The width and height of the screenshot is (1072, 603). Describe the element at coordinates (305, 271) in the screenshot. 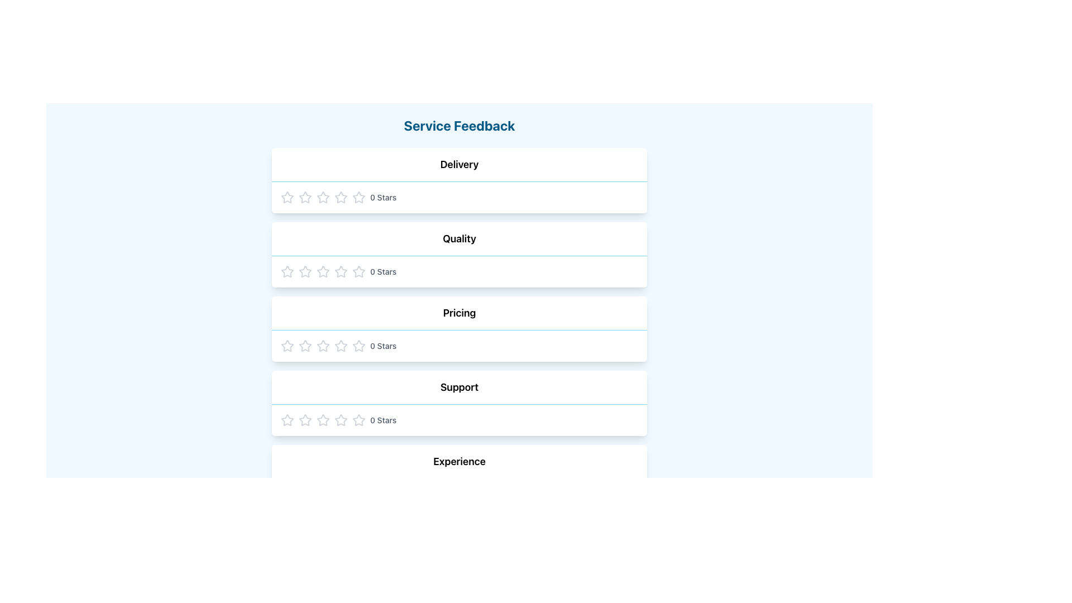

I see `the third star icon in the Quality feedback section` at that location.